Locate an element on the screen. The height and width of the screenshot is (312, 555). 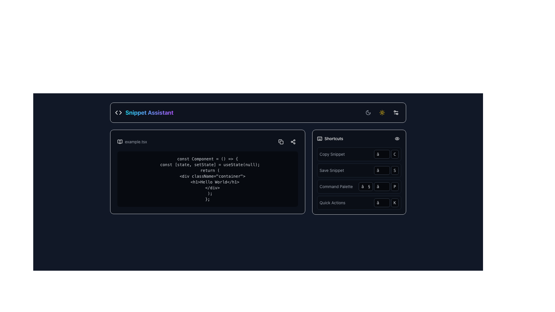
the small rounded button labeled 'C' with a dark background and light gray text is located at coordinates (394, 154).